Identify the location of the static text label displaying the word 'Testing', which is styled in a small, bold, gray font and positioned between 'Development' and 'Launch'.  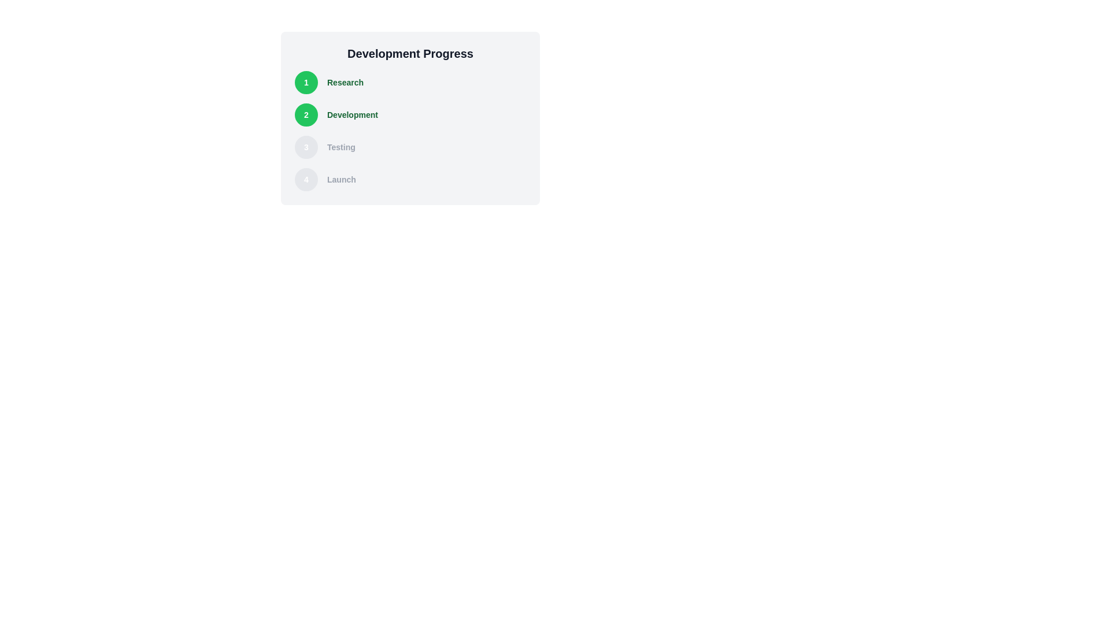
(341, 146).